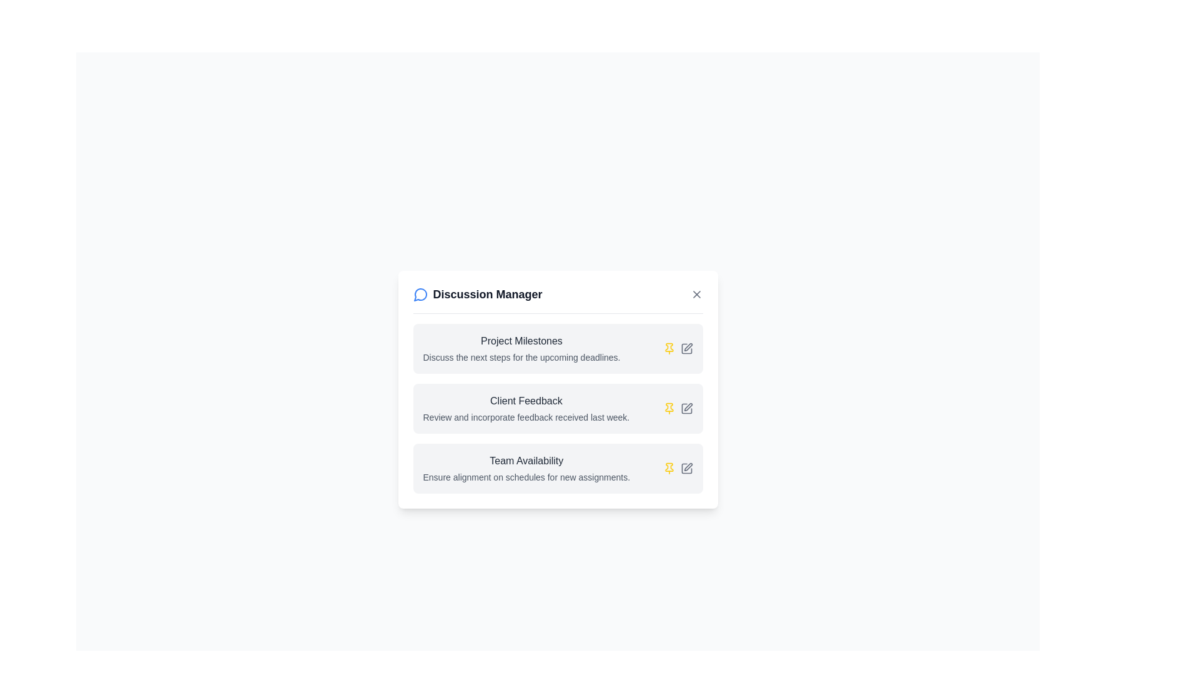 This screenshot has height=674, width=1199. What do you see at coordinates (521, 357) in the screenshot?
I see `the text element that says 'Discuss the next steps for the upcoming deadlines.' located beneath the 'Project Milestones' title in the 'Discussion Manager' interface` at bounding box center [521, 357].